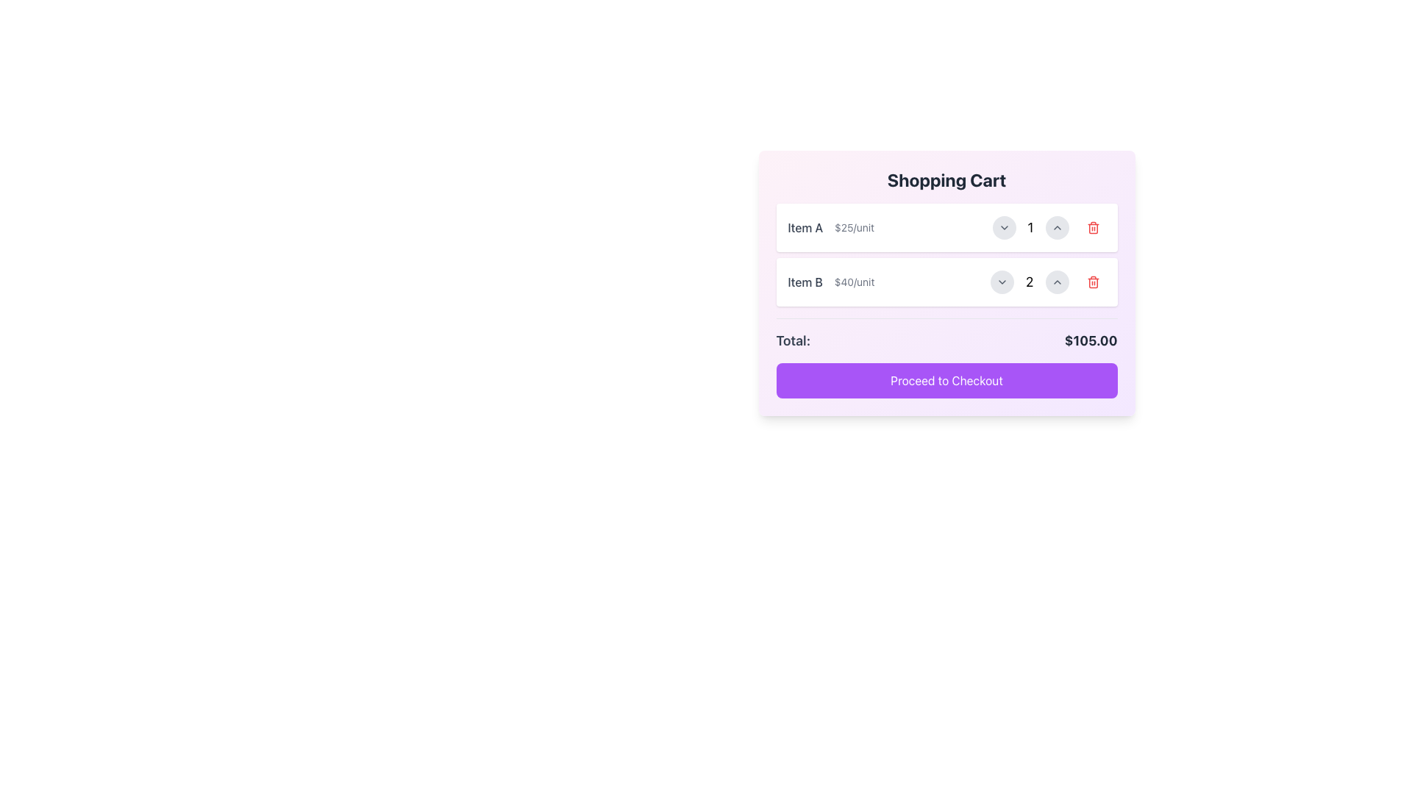 This screenshot has height=794, width=1412. What do you see at coordinates (1030, 227) in the screenshot?
I see `the static text display showing the digit '1', which is positioned in the second row of the shopping cart item list, indicating the current quantity of the item` at bounding box center [1030, 227].